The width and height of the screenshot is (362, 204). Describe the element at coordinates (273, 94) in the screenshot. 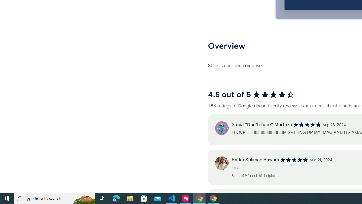

I see `'4.5 out of 5 stars'` at that location.